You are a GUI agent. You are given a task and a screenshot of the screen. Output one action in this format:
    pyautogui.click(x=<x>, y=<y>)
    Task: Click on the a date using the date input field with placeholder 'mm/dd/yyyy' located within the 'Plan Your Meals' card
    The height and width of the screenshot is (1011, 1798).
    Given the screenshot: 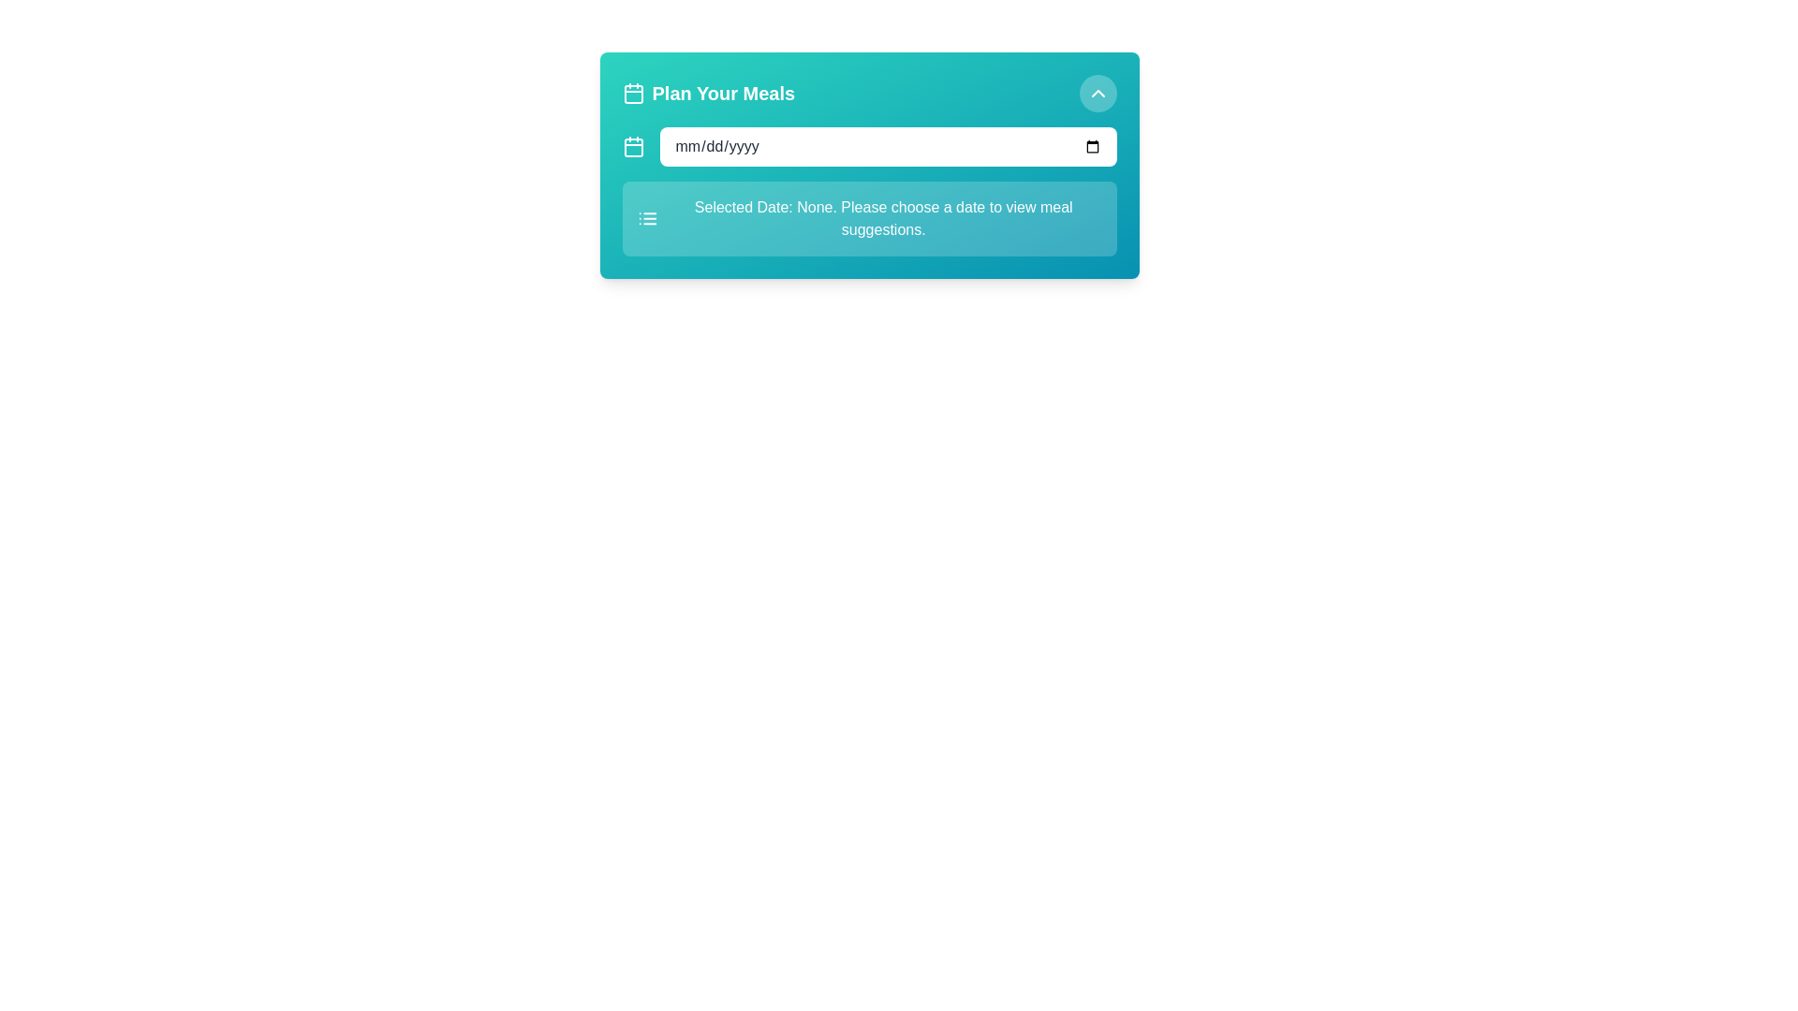 What is the action you would take?
    pyautogui.click(x=887, y=146)
    